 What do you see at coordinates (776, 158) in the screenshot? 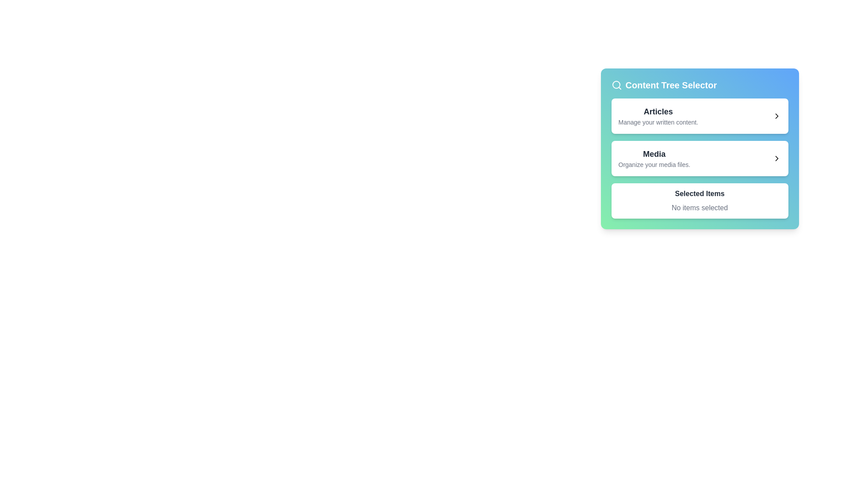
I see `the directional indicator icon associated with the 'Media' option in the 'Content Tree Selector'` at bounding box center [776, 158].